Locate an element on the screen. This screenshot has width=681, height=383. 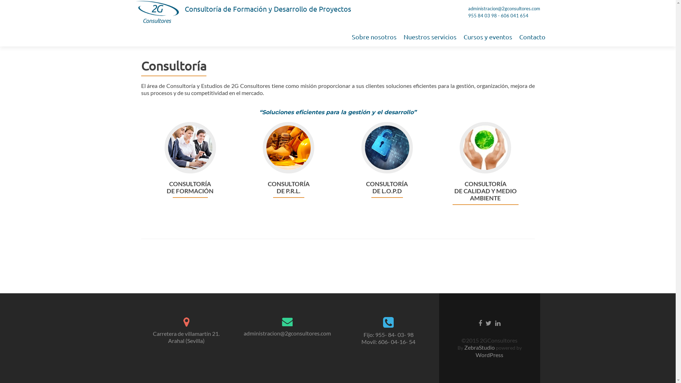
'ZebraStudio' is located at coordinates (480, 347).